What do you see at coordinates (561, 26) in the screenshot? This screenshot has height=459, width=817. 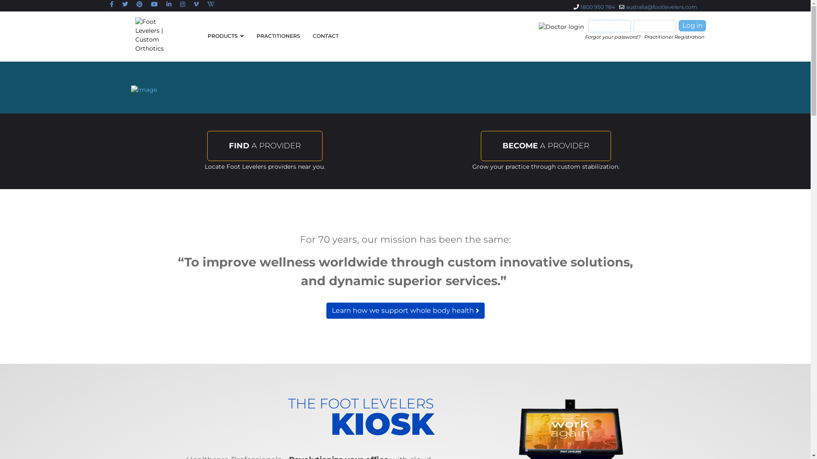 I see `'Doctor login'` at bounding box center [561, 26].